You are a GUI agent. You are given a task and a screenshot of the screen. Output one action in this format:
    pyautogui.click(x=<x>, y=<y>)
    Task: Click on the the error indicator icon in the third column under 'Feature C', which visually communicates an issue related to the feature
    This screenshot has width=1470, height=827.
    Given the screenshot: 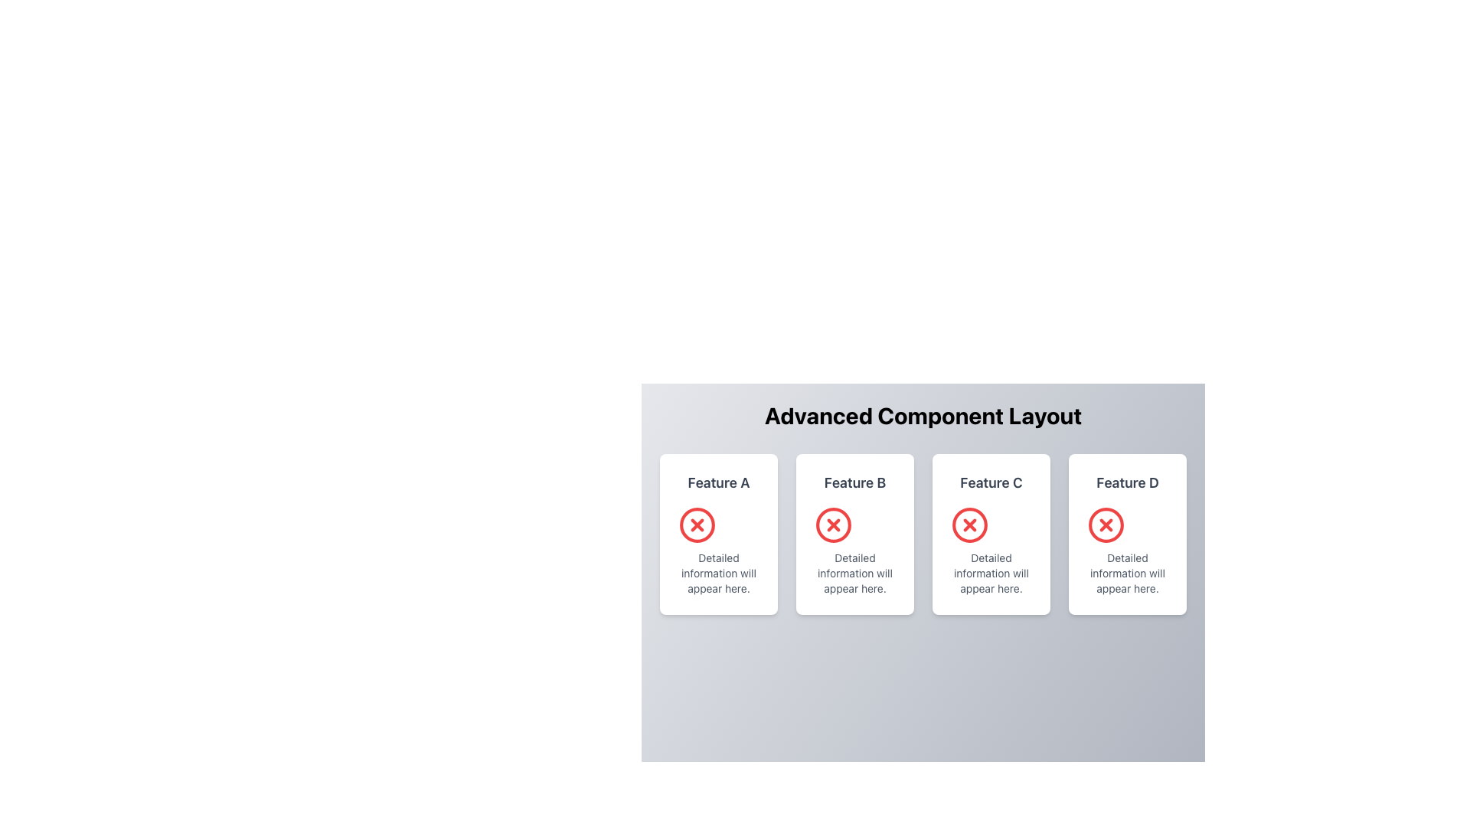 What is the action you would take?
    pyautogui.click(x=969, y=525)
    